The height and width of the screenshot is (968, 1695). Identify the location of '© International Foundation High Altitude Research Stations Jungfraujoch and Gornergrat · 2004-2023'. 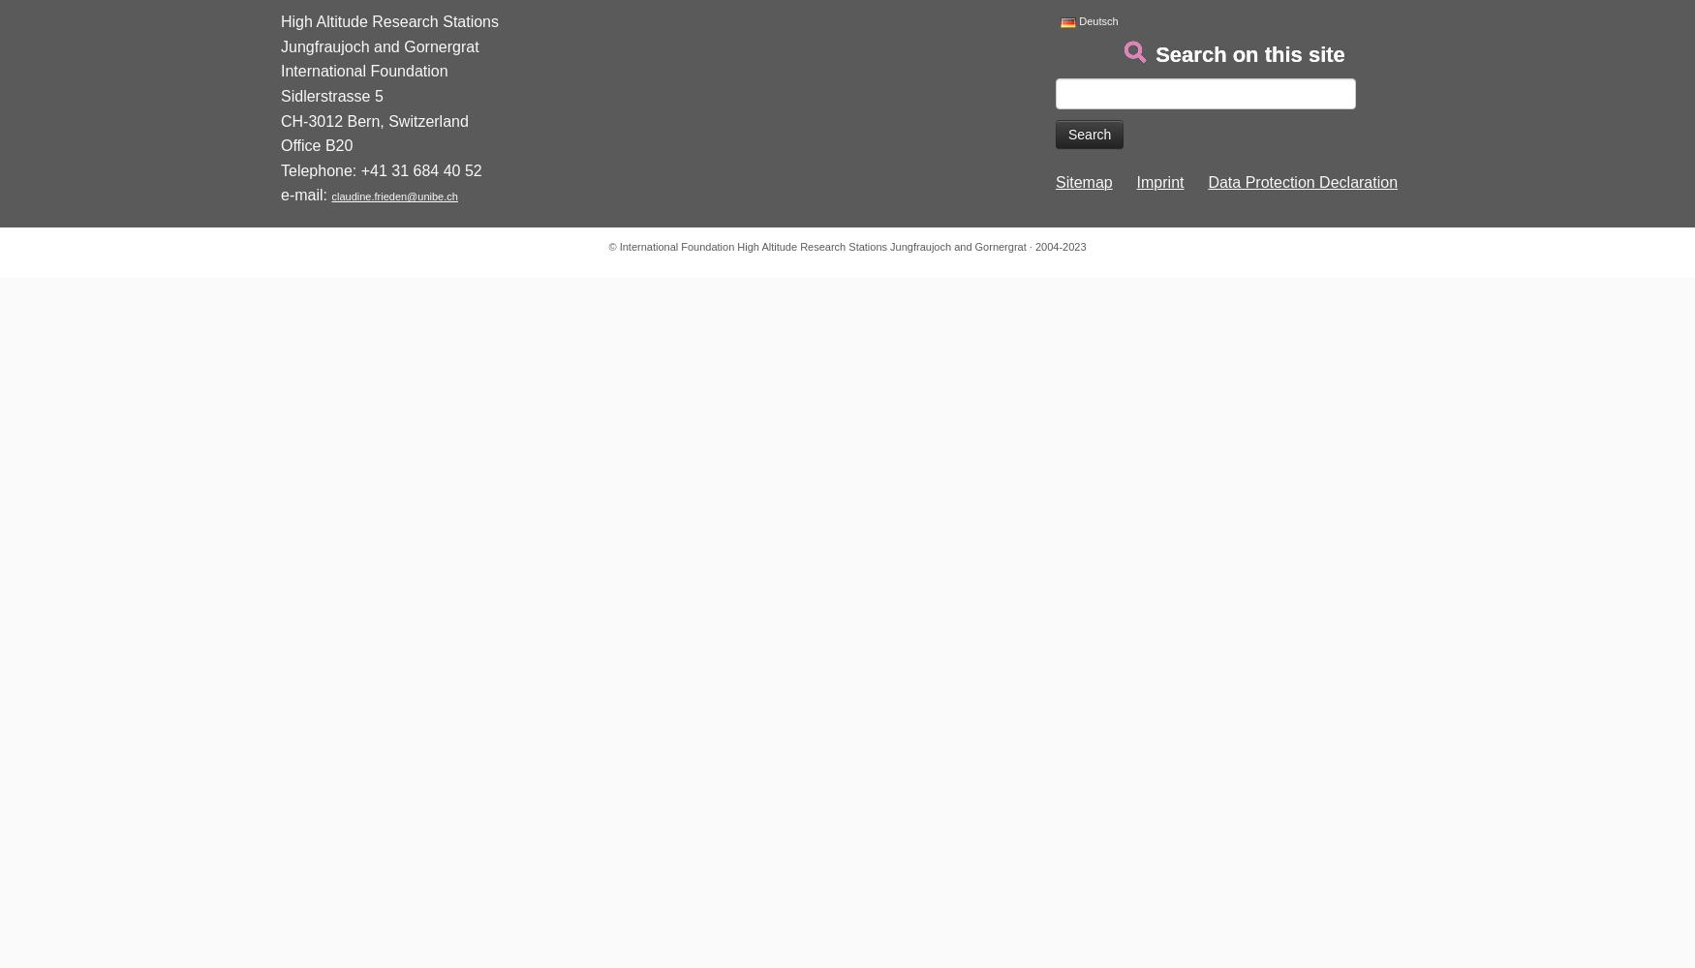
(847, 247).